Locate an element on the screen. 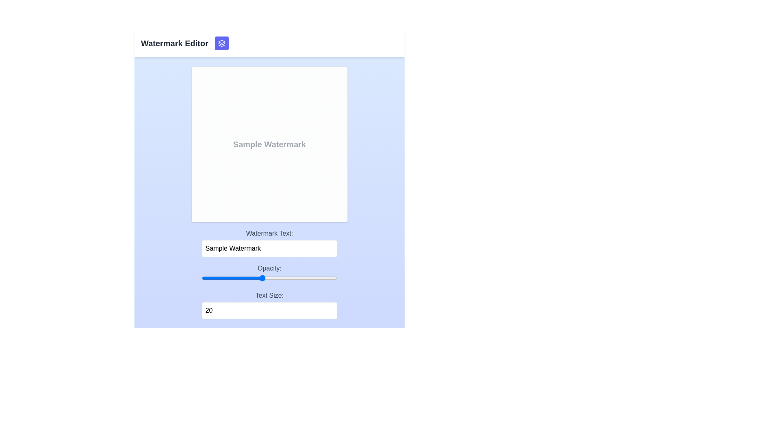  the minimalist triangular icon design, which is the third component in a stack of three layered symbols within an SVG illustration is located at coordinates (222, 45).